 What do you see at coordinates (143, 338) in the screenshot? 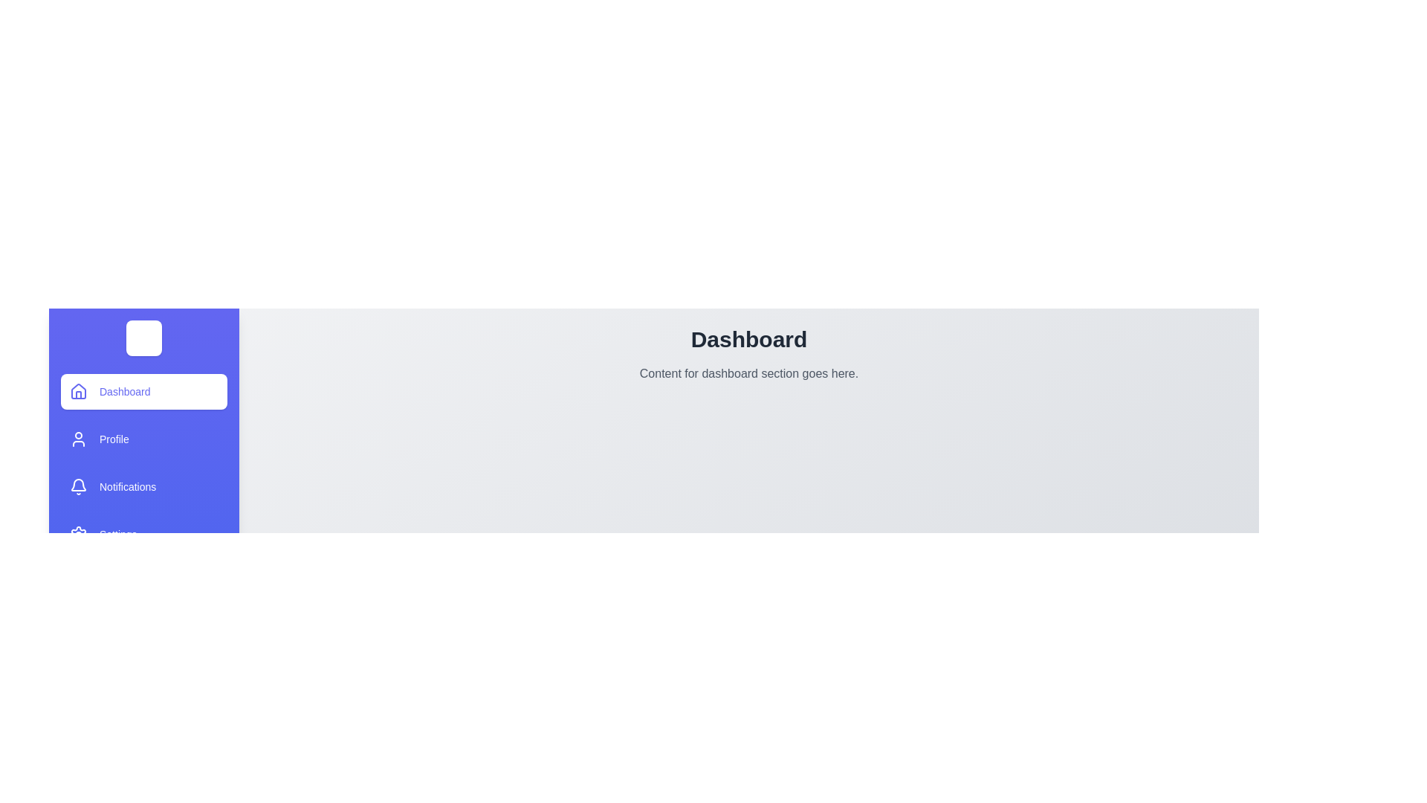
I see `the drawer toggle button to toggle the drawer's state` at bounding box center [143, 338].